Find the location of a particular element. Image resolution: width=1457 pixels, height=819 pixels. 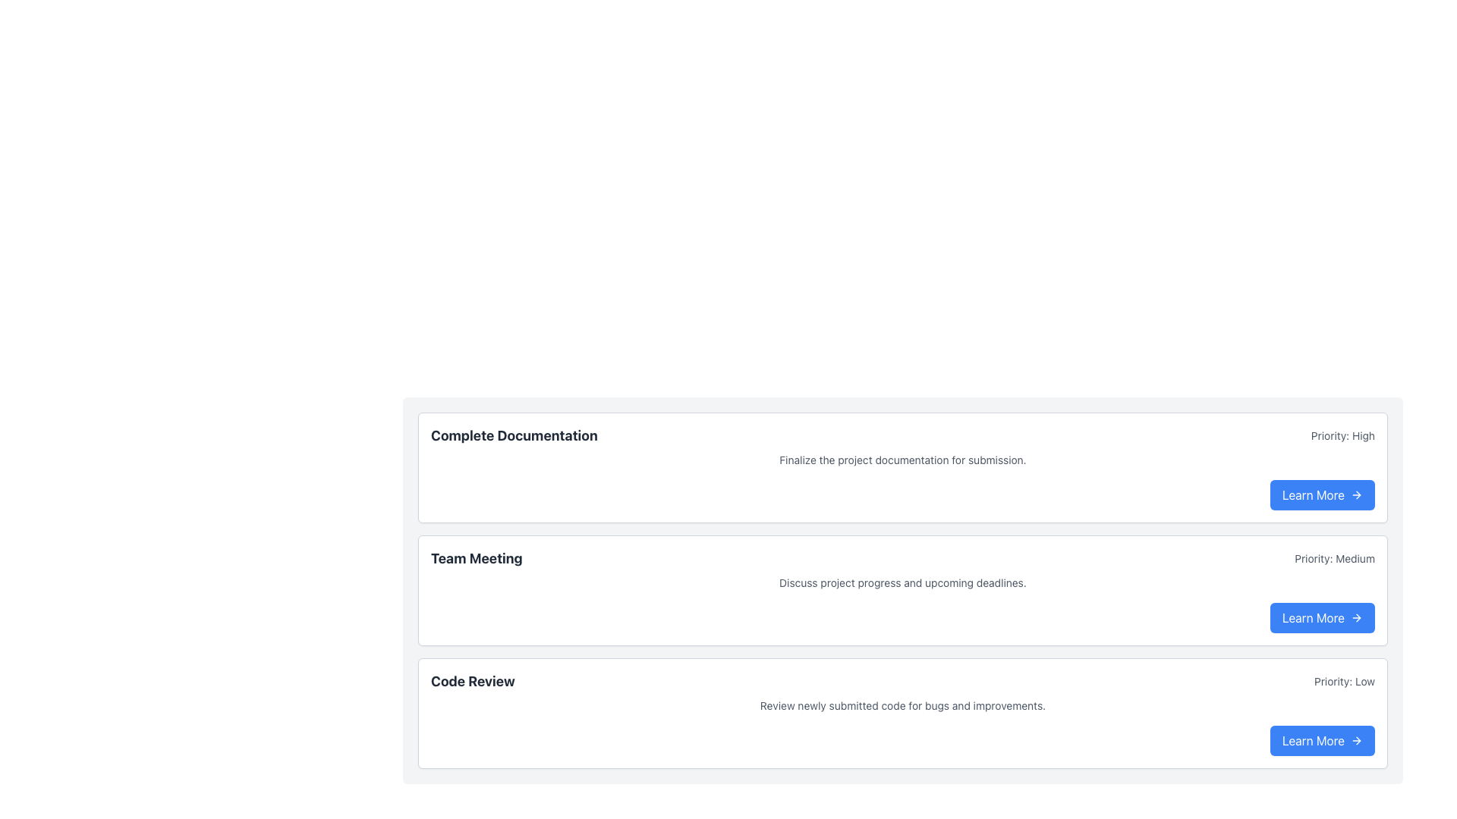

navigation keys is located at coordinates (903, 558).